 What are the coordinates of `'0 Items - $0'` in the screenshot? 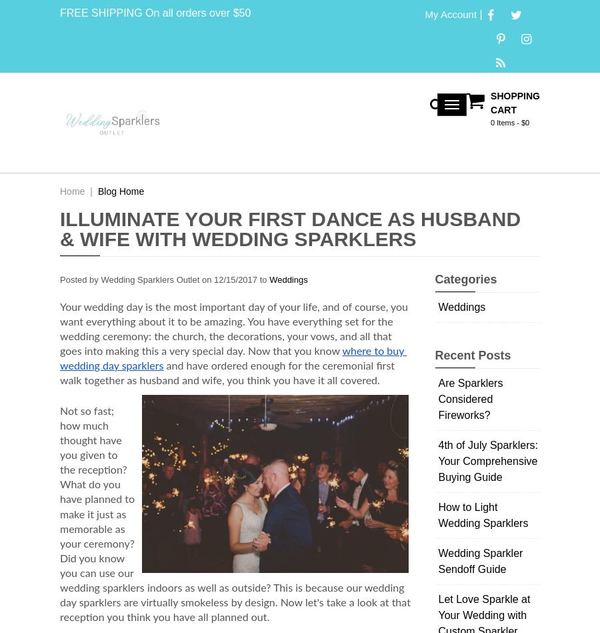 It's located at (509, 122).